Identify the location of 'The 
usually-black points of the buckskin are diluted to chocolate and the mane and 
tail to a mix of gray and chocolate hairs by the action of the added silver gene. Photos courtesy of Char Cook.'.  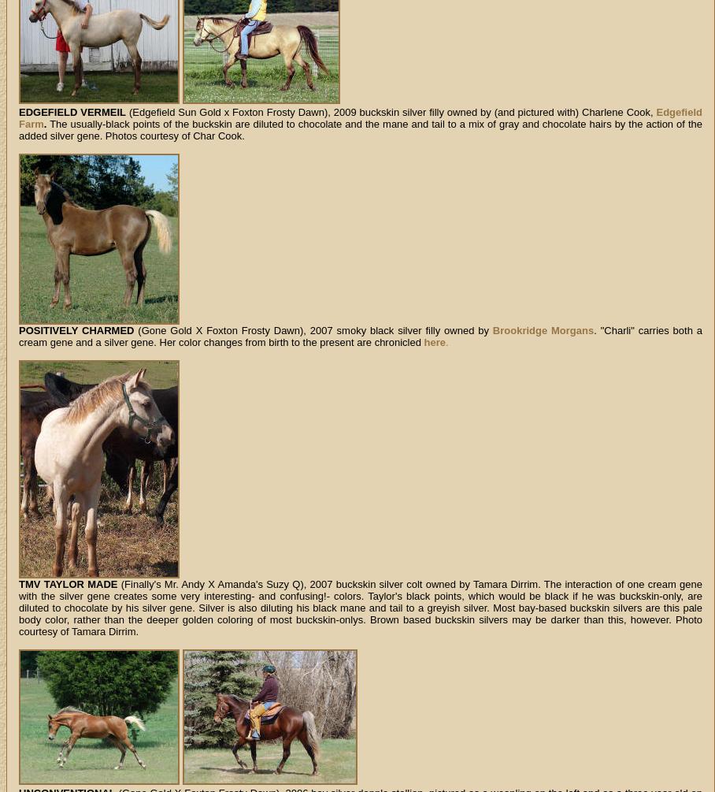
(359, 130).